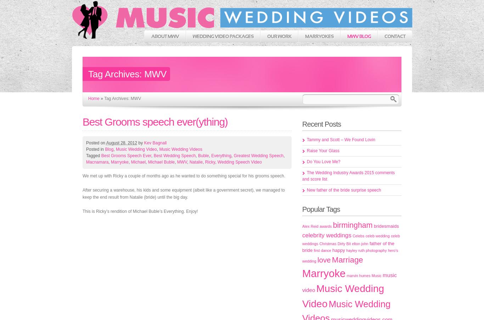  Describe the element at coordinates (94, 156) in the screenshot. I see `'Tagged'` at that location.